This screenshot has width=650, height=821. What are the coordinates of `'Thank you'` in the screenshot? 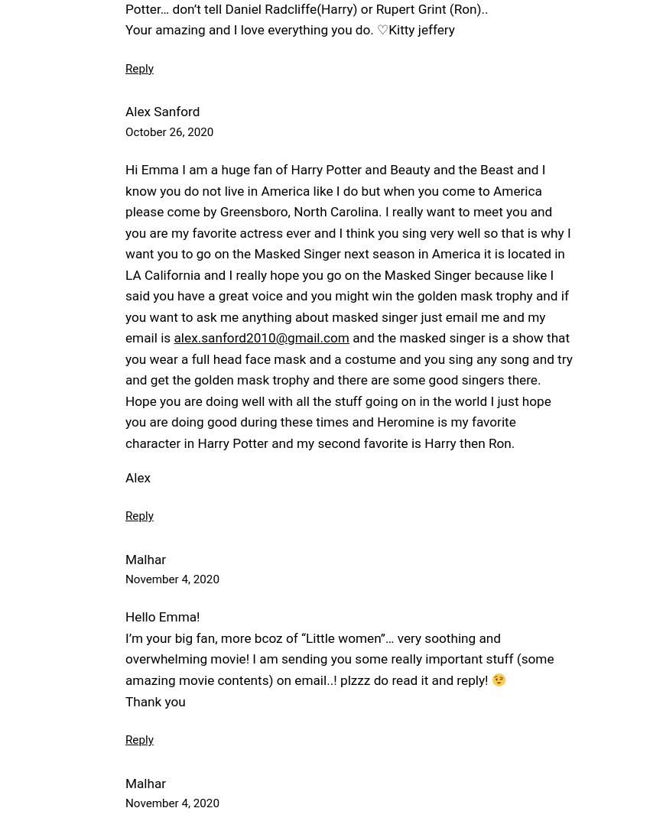 It's located at (154, 700).